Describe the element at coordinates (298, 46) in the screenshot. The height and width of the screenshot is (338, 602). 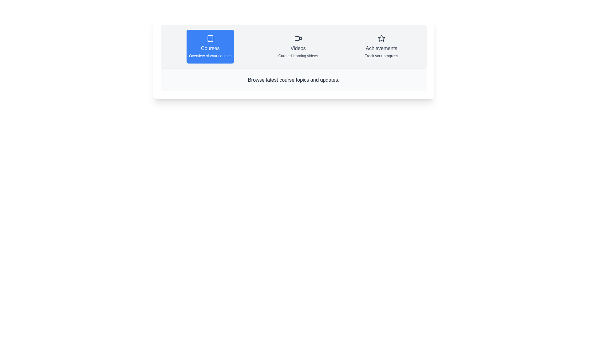
I see `the tab labeled Videos to view its content` at that location.